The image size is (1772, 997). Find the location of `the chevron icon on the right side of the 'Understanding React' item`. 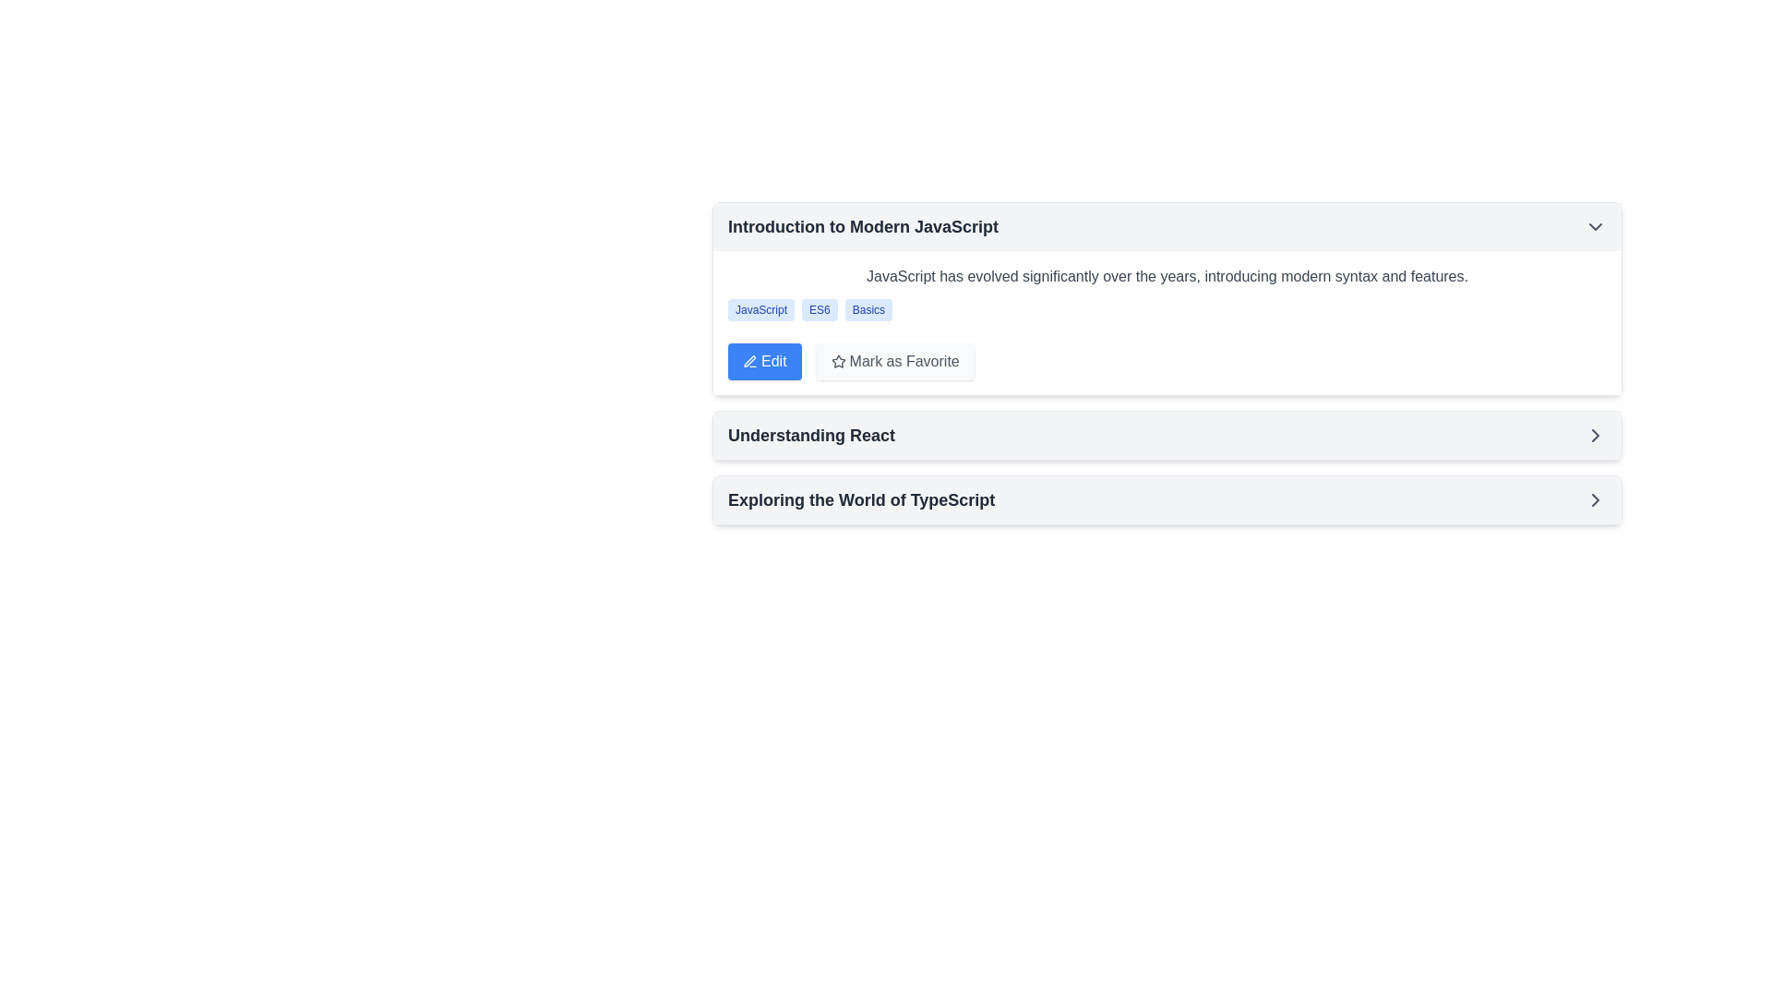

the chevron icon on the right side of the 'Understanding React' item is located at coordinates (1594, 435).